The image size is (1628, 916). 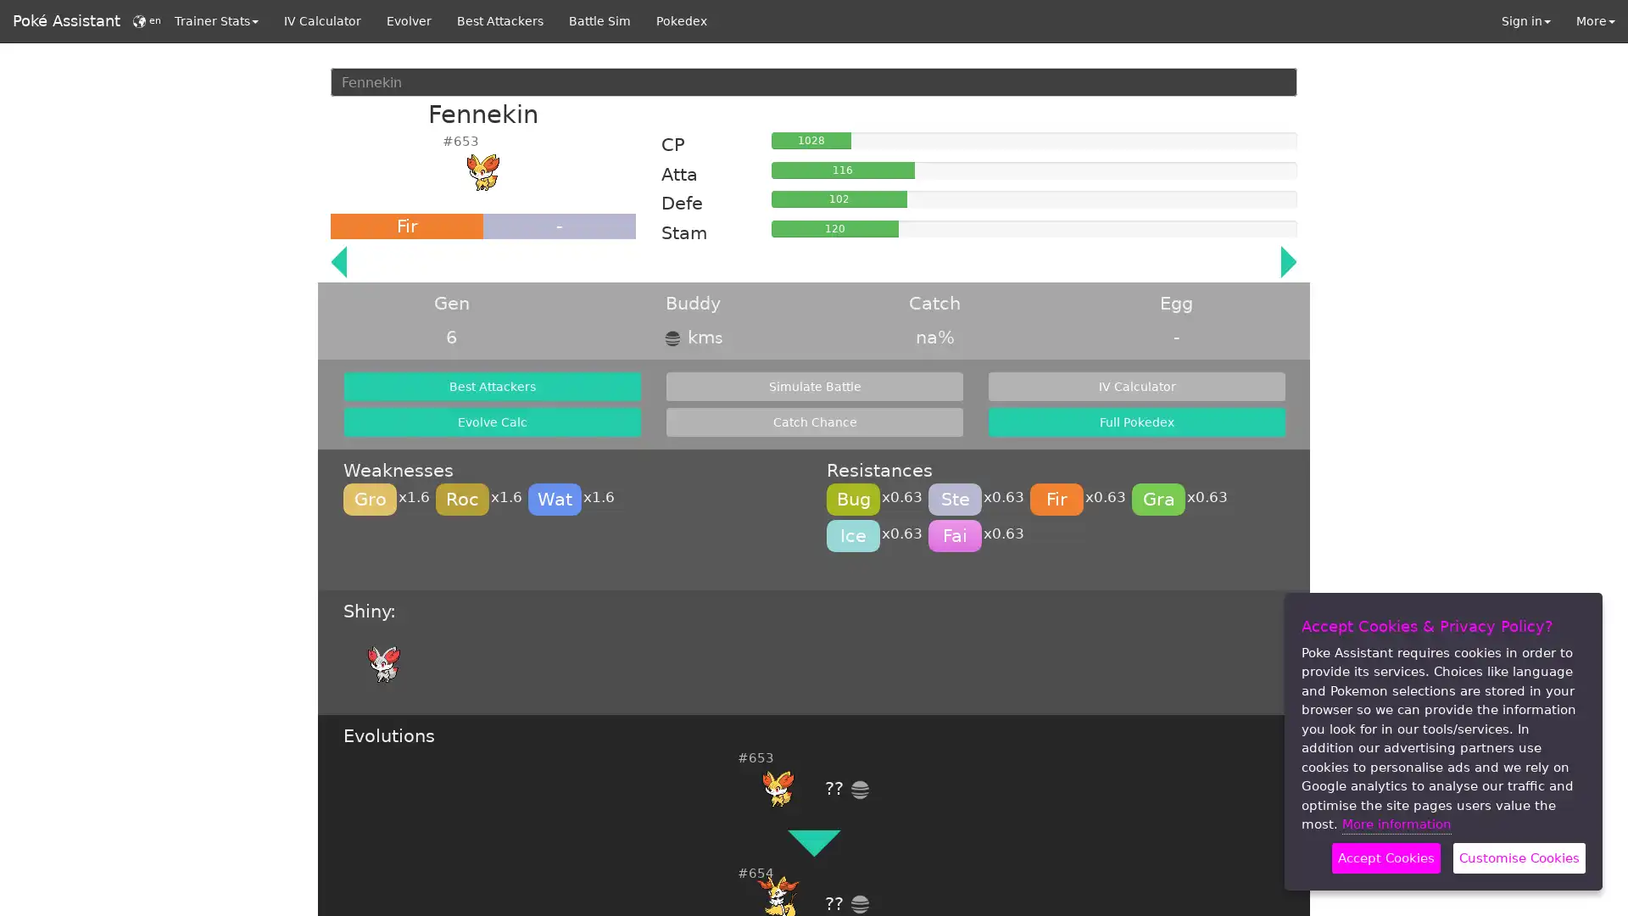 What do you see at coordinates (1386, 857) in the screenshot?
I see `Accept Cookies` at bounding box center [1386, 857].